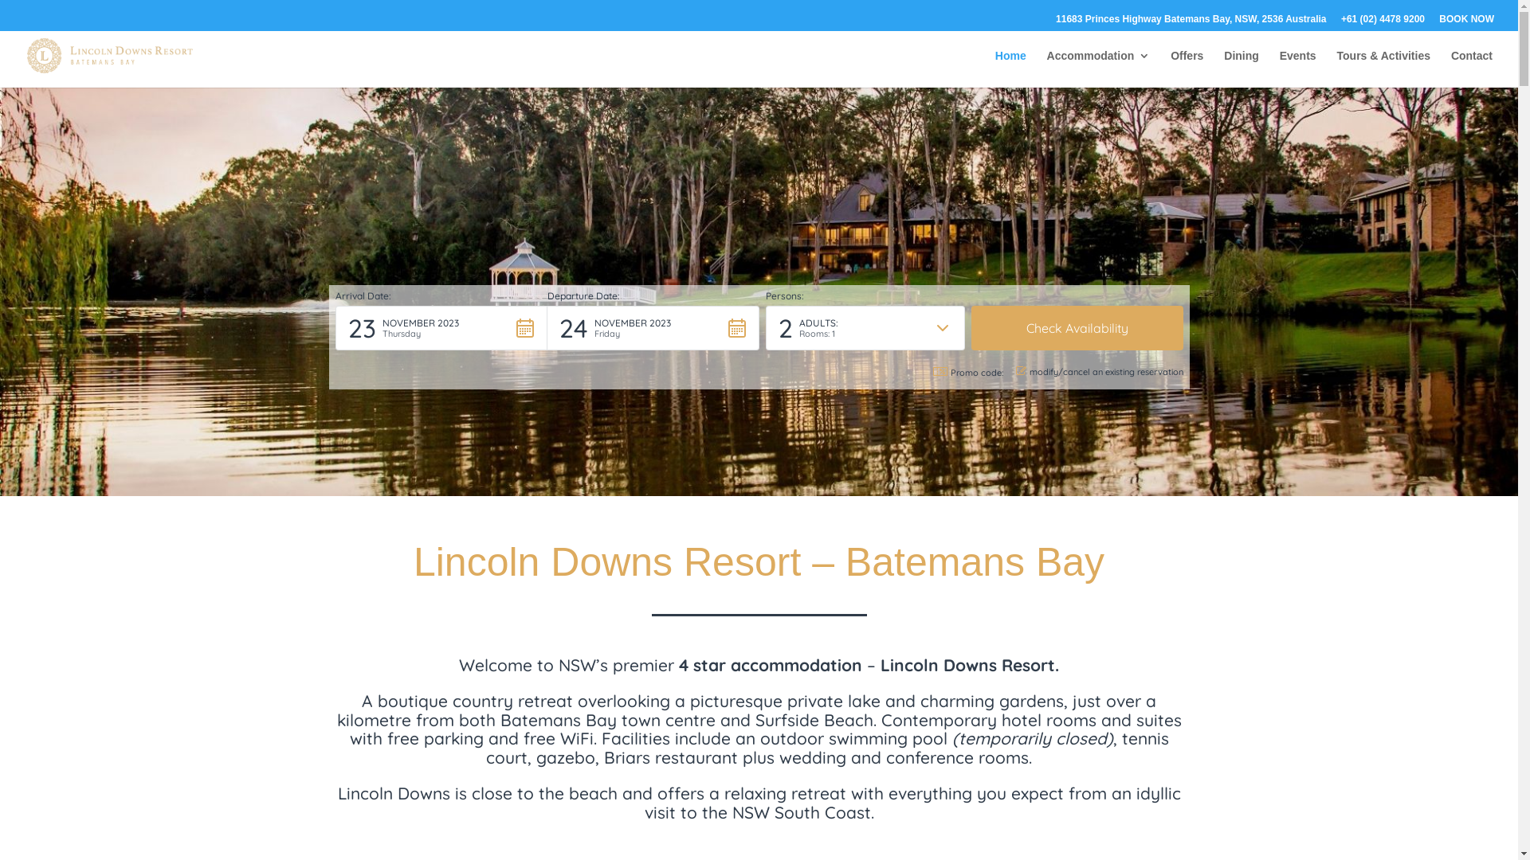 Image resolution: width=1530 pixels, height=860 pixels. I want to click on 'modify/cancel an existing reservation', so click(1097, 372).